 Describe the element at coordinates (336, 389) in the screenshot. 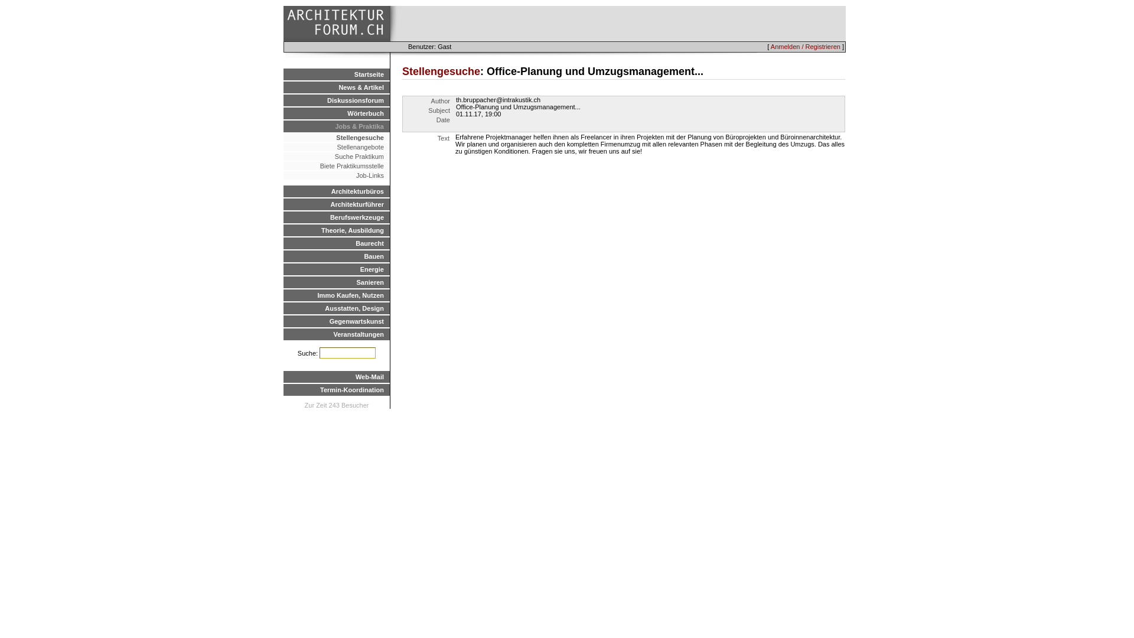

I see `'Termin-Koordination'` at that location.